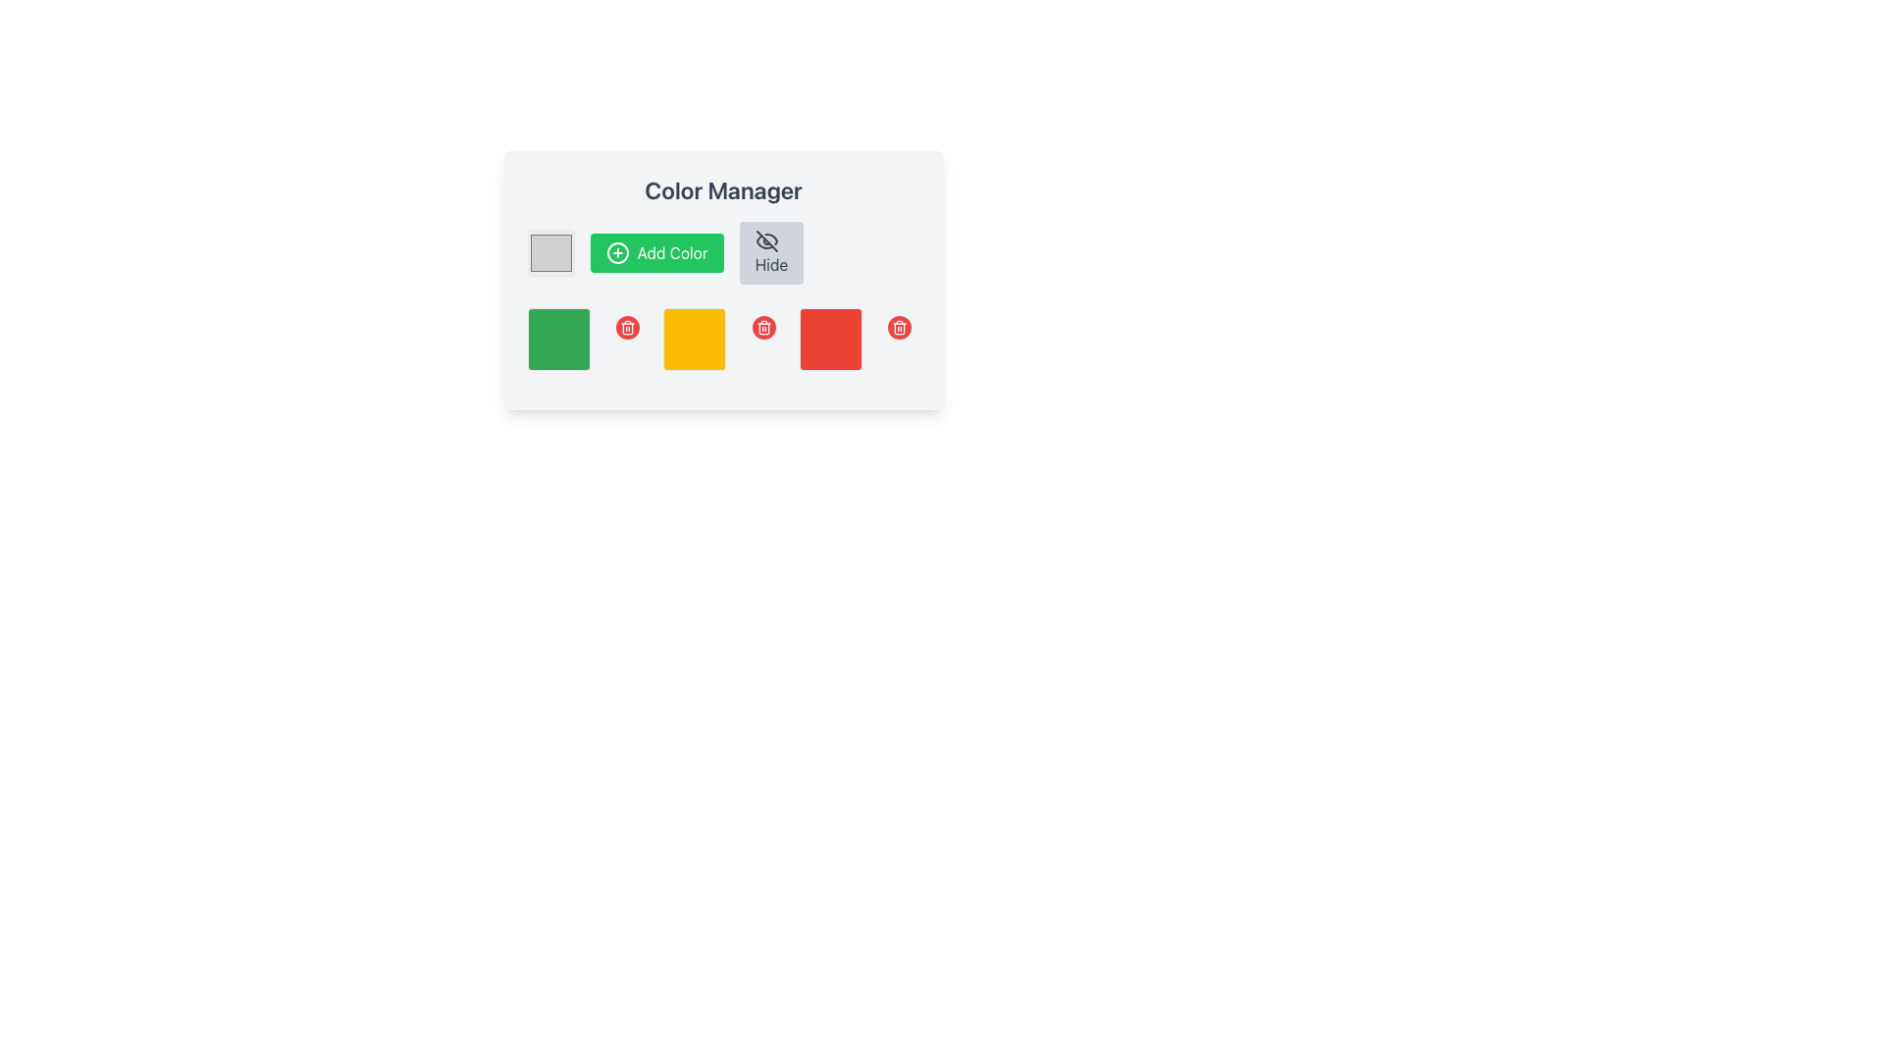 This screenshot has width=1884, height=1060. I want to click on the third red color block with rounded corners in the lower row of the 'Color Manager' panel, which is situated between a yellow block and a delete button icon, so click(830, 339).